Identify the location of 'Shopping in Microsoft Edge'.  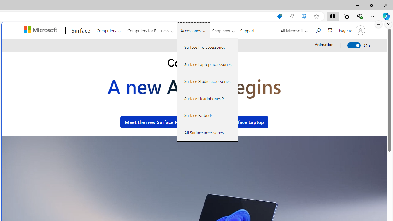
(279, 16).